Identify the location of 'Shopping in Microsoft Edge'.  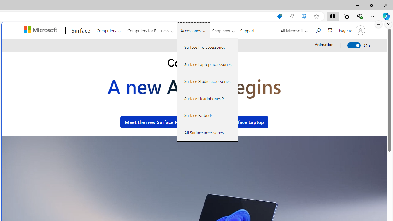
(279, 16).